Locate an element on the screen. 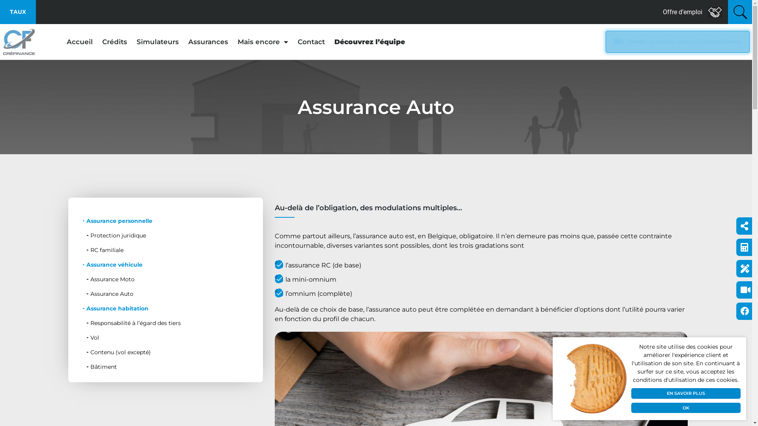 The height and width of the screenshot is (426, 758). 'Logo crefinance-3XVEVdQpS1' is located at coordinates (19, 41).